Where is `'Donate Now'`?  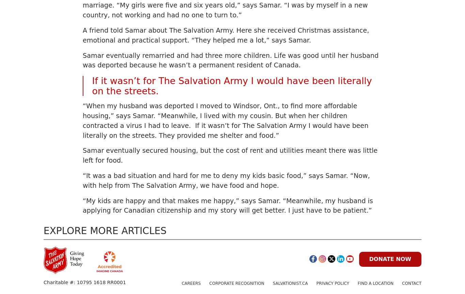 'Donate Now' is located at coordinates (369, 259).